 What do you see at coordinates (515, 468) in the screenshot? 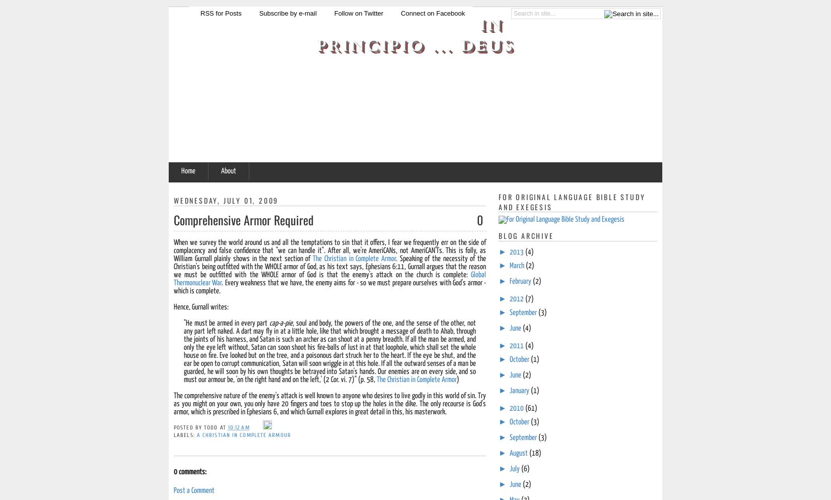
I see `'July'` at bounding box center [515, 468].